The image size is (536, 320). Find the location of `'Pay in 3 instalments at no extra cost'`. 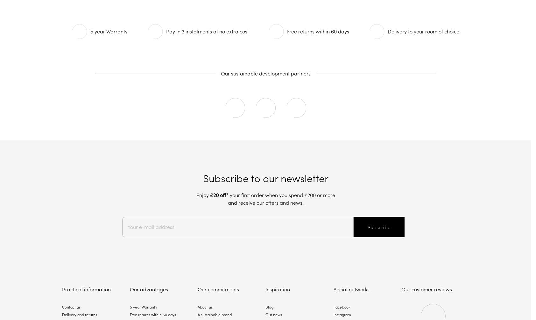

'Pay in 3 instalments at no extra cost' is located at coordinates (207, 31).